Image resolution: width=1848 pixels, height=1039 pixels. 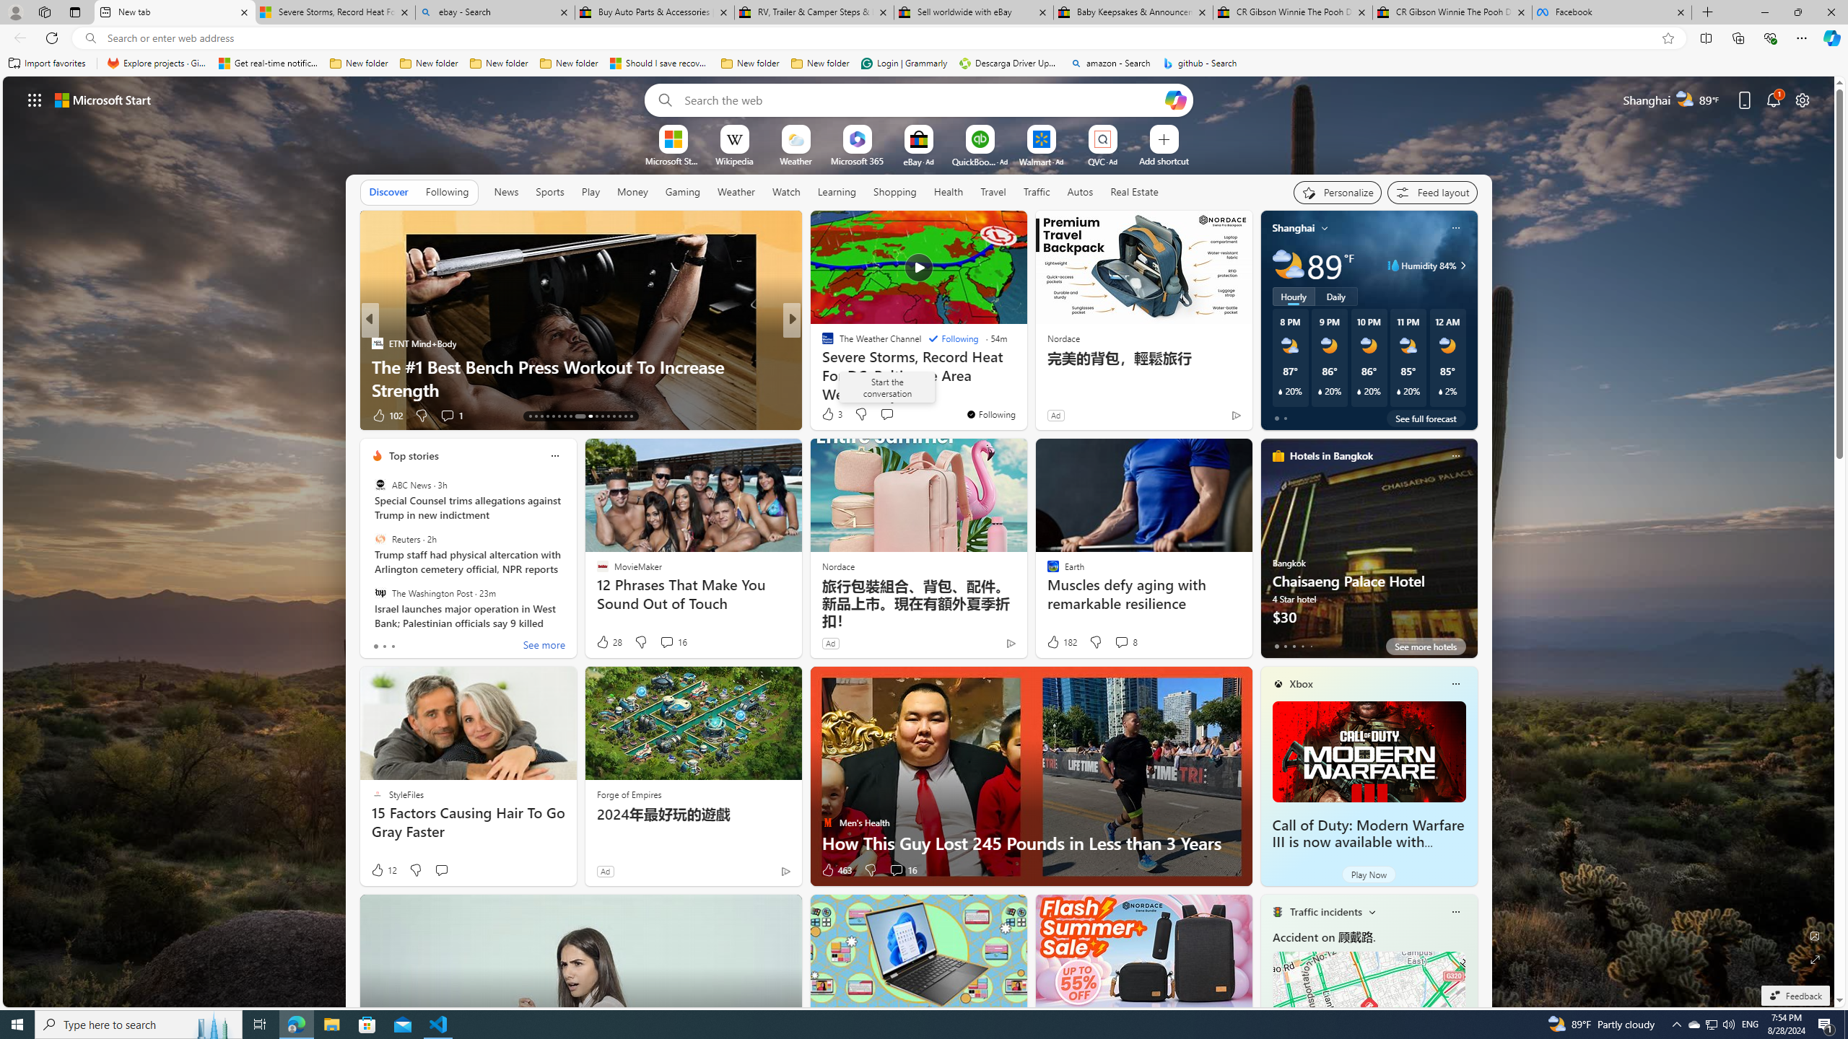 What do you see at coordinates (541, 416) in the screenshot?
I see `'AutomationID: tab-15'` at bounding box center [541, 416].